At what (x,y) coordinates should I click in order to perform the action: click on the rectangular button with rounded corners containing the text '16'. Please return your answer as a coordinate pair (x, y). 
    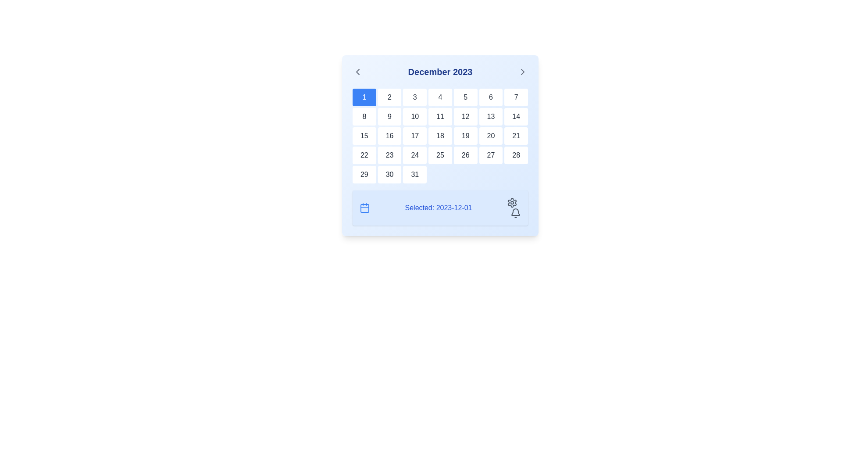
    Looking at the image, I should click on (389, 136).